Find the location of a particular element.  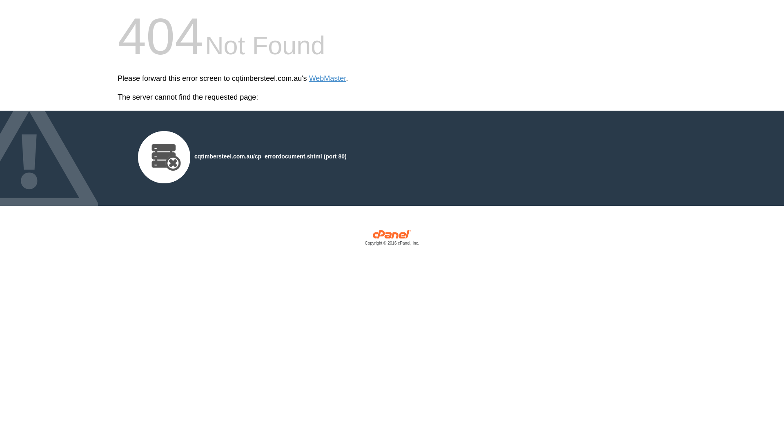

'WebMaster' is located at coordinates (327, 78).